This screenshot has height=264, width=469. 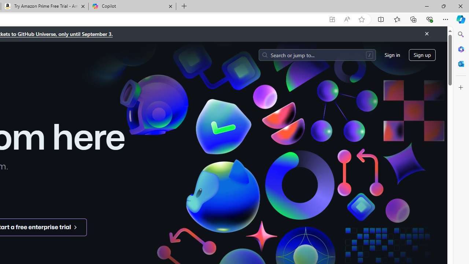 I want to click on 'Customize', so click(x=461, y=87).